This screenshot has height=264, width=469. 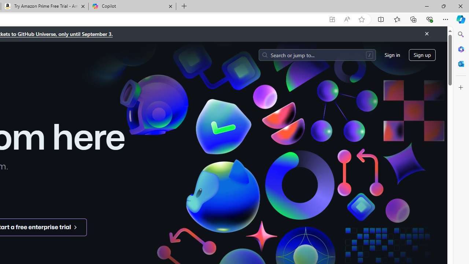 I want to click on 'Customize', so click(x=461, y=87).